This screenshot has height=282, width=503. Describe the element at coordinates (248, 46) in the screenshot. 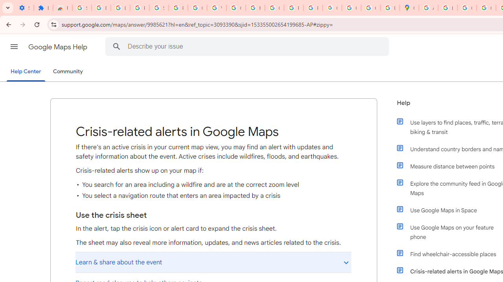

I see `'Describe your issue'` at that location.